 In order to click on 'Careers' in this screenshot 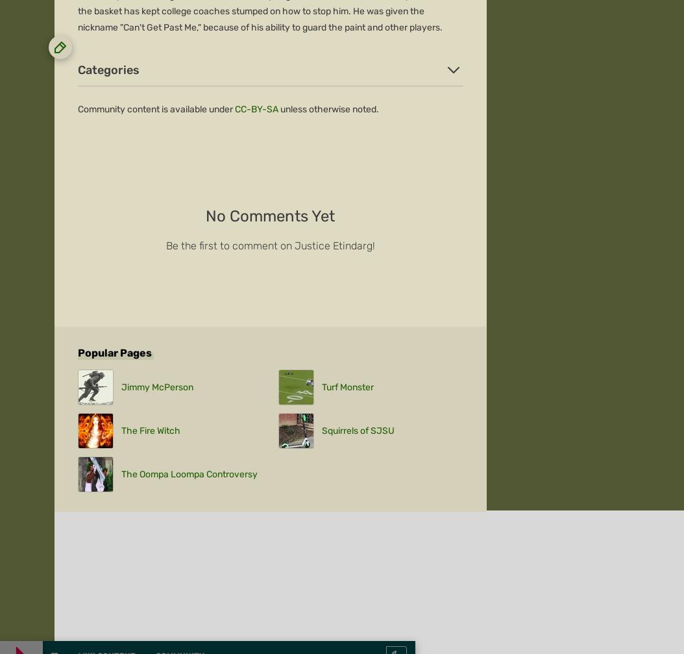, I will do `click(54, 194)`.